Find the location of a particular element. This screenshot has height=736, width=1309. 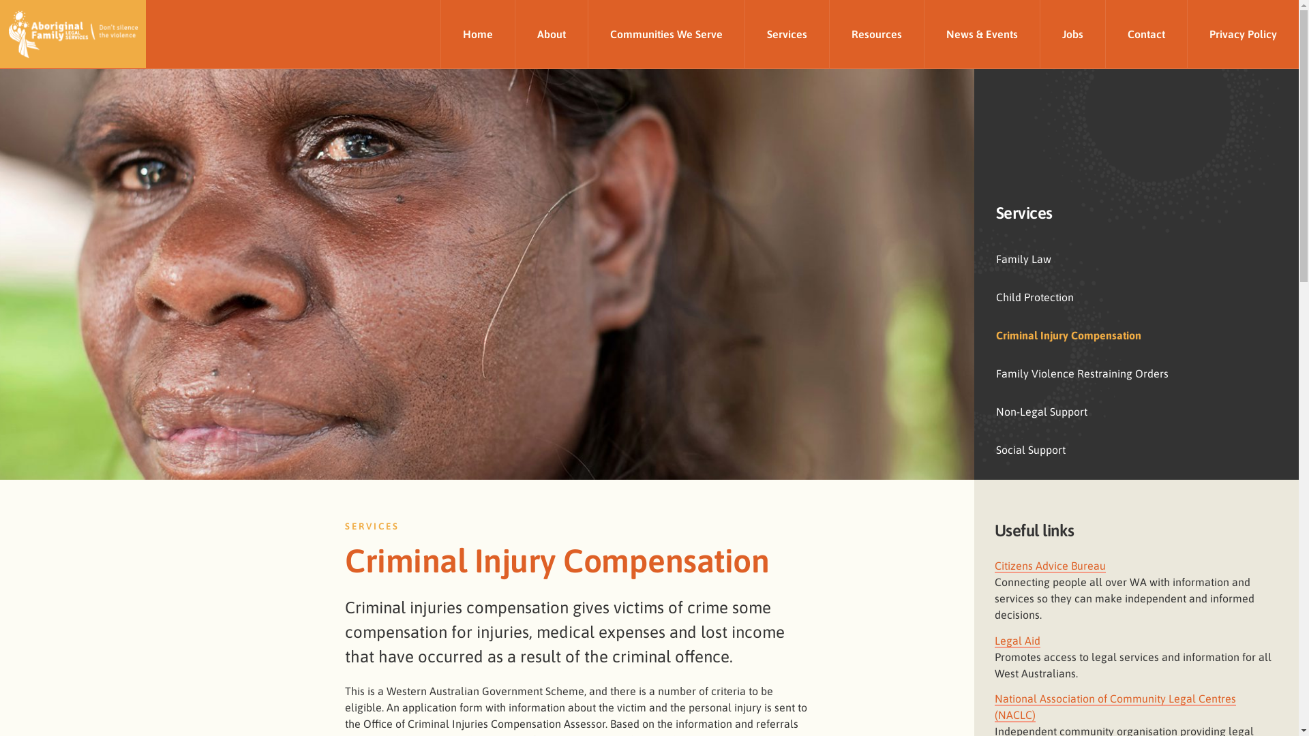

'Child Protection' is located at coordinates (1136, 296).